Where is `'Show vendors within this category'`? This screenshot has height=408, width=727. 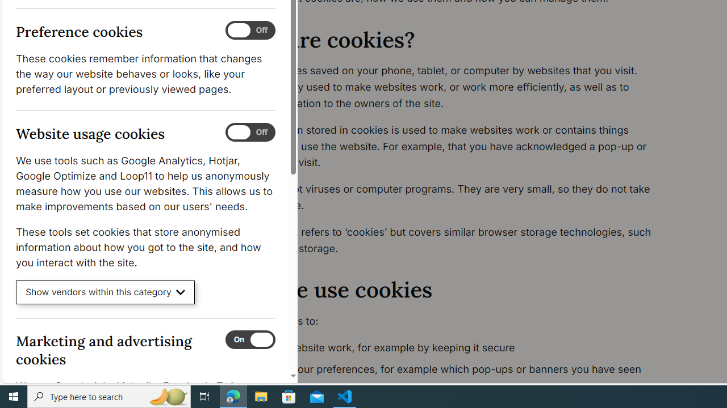 'Show vendors within this category' is located at coordinates (105, 292).